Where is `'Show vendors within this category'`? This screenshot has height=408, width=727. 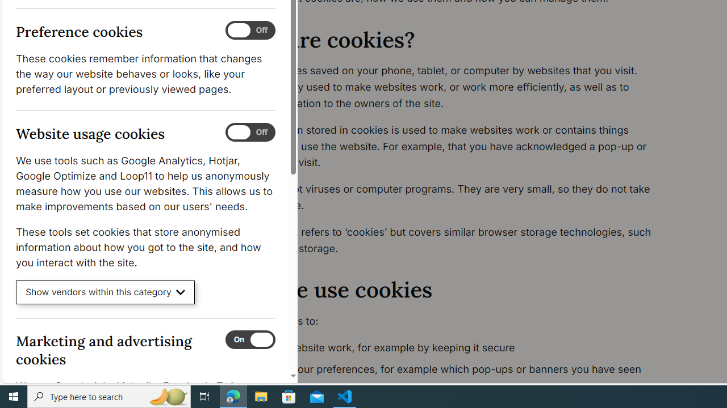 'Show vendors within this category' is located at coordinates (105, 292).